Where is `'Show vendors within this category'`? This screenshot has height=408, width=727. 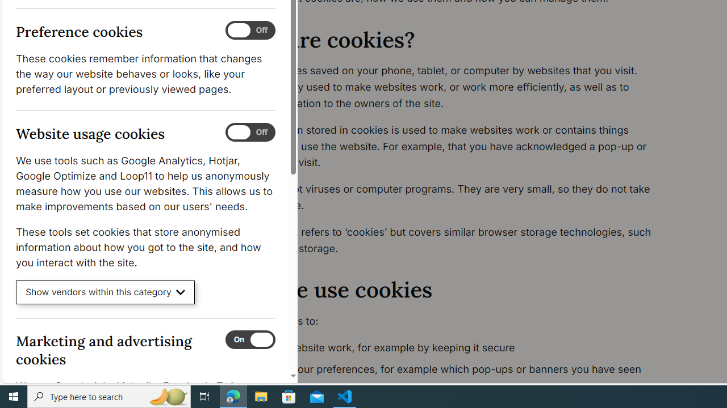 'Show vendors within this category' is located at coordinates (105, 292).